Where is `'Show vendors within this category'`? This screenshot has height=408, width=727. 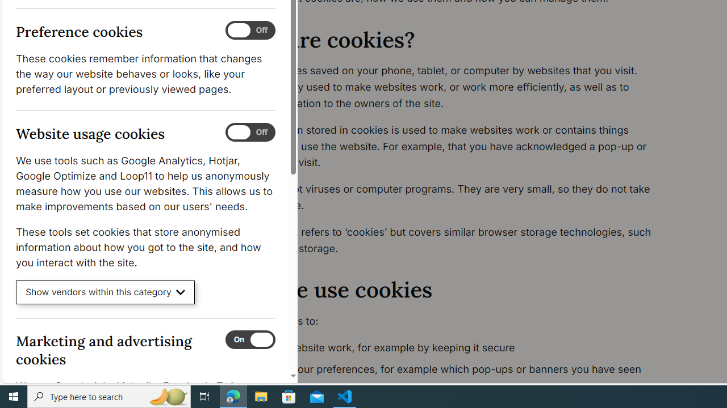 'Show vendors within this category' is located at coordinates (105, 292).